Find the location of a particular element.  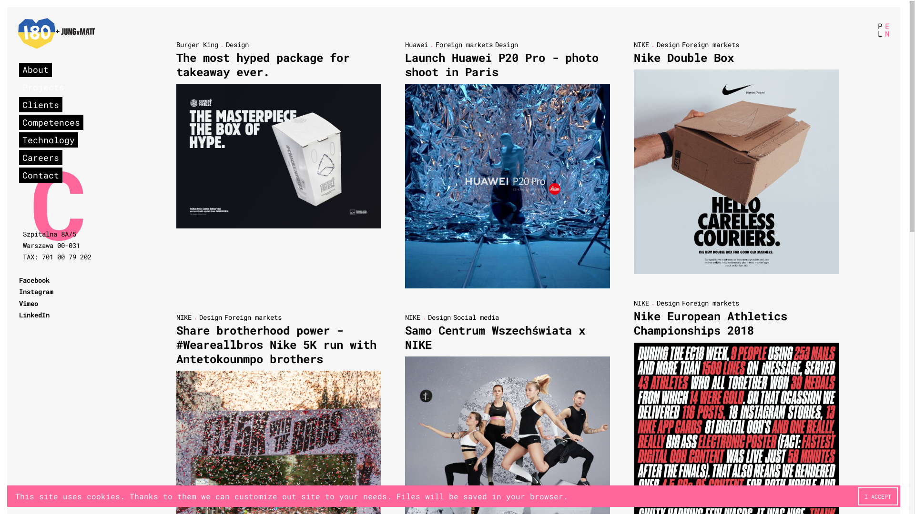

'Launch Huawei P20 Pro - photo shoot in Paris' is located at coordinates (501, 65).